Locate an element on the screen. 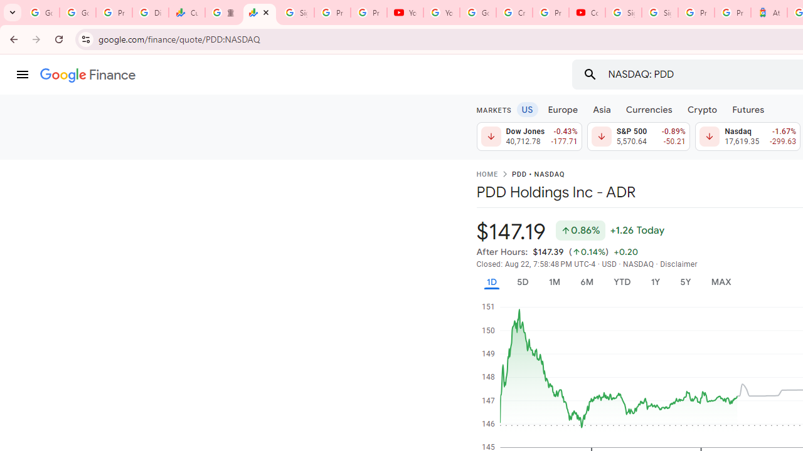 This screenshot has width=803, height=451. 'YouTube' is located at coordinates (405, 13).